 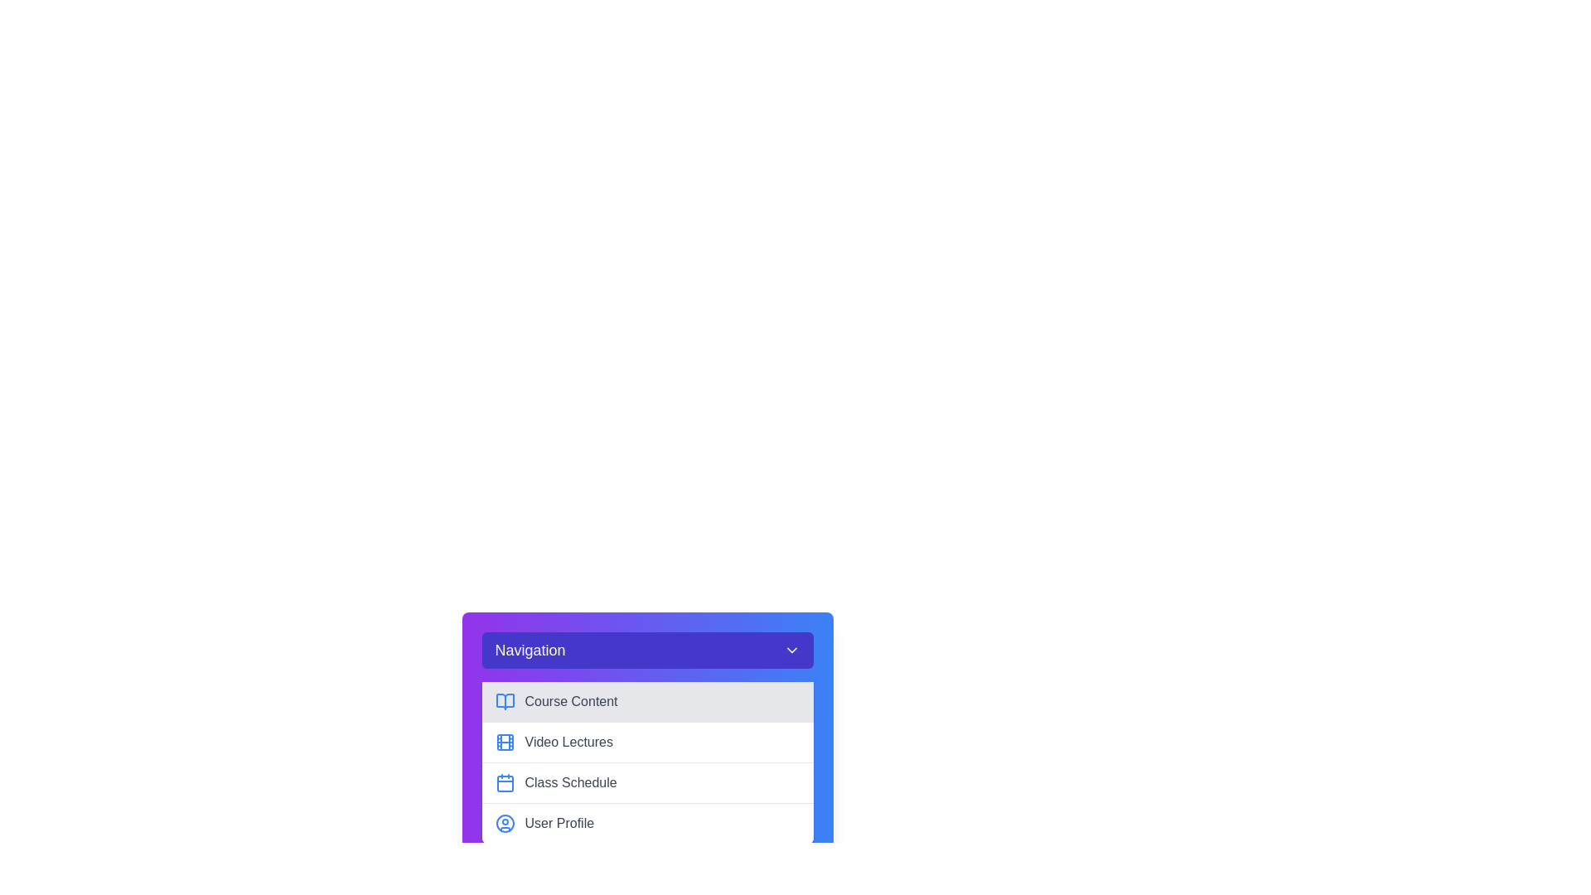 What do you see at coordinates (504, 702) in the screenshot?
I see `the 'Course Content' icon located in the navigation panel for accessibility tools` at bounding box center [504, 702].